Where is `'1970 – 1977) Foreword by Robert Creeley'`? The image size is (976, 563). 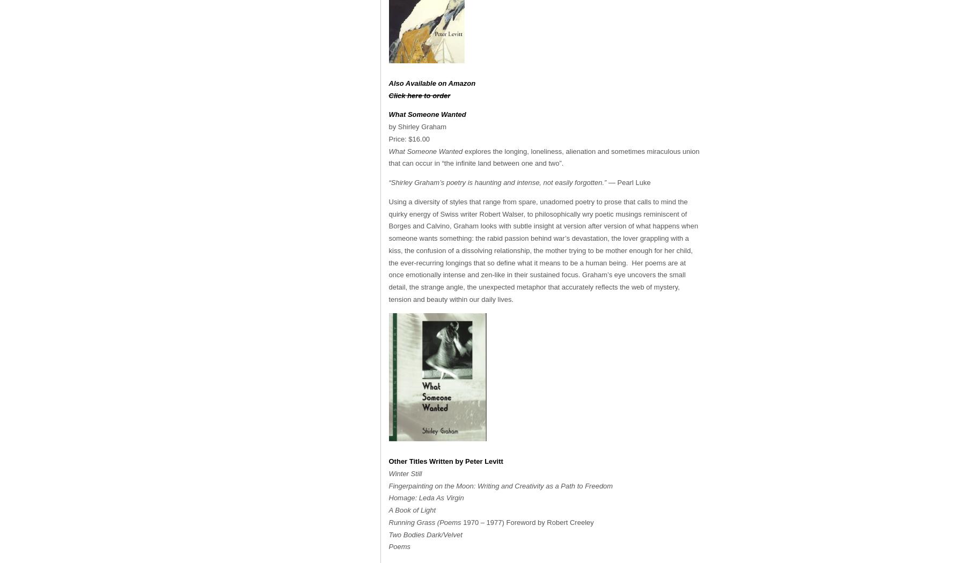 '1970 – 1977) Foreword by Robert Creeley' is located at coordinates (527, 521).